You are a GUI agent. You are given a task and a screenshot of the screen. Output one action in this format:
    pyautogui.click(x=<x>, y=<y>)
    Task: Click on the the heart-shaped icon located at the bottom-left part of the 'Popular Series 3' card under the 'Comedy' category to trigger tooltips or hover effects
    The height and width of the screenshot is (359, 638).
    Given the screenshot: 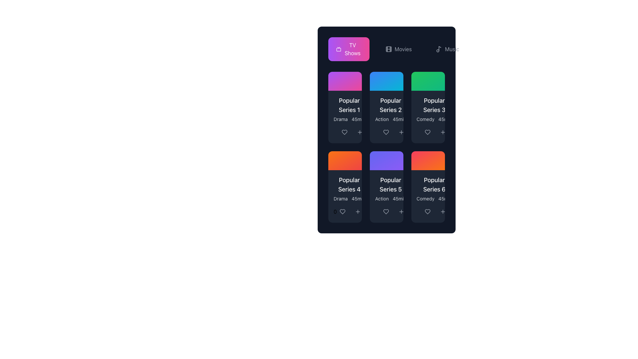 What is the action you would take?
    pyautogui.click(x=427, y=132)
    